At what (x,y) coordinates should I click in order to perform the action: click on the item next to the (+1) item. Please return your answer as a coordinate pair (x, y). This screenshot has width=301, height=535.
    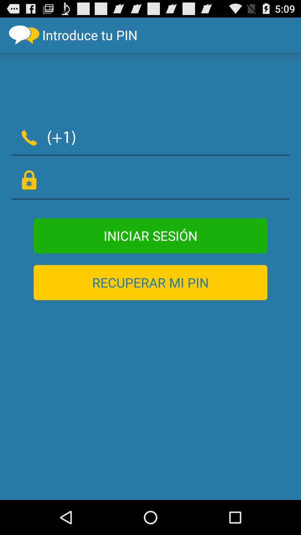
    Looking at the image, I should click on (186, 137).